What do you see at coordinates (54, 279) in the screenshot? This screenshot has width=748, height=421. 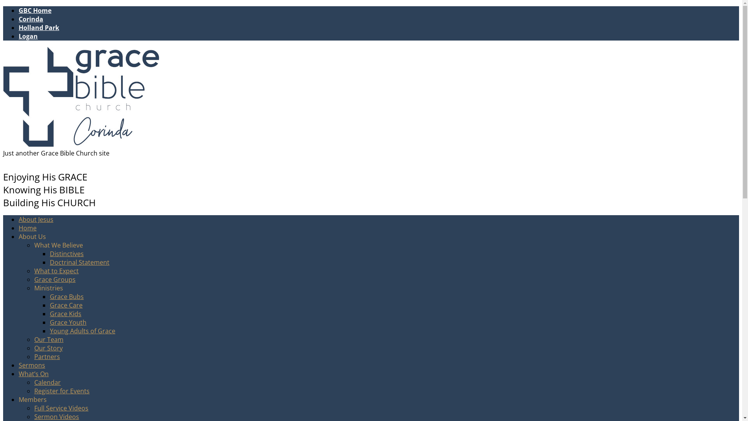 I see `'Grace Groups'` at bounding box center [54, 279].